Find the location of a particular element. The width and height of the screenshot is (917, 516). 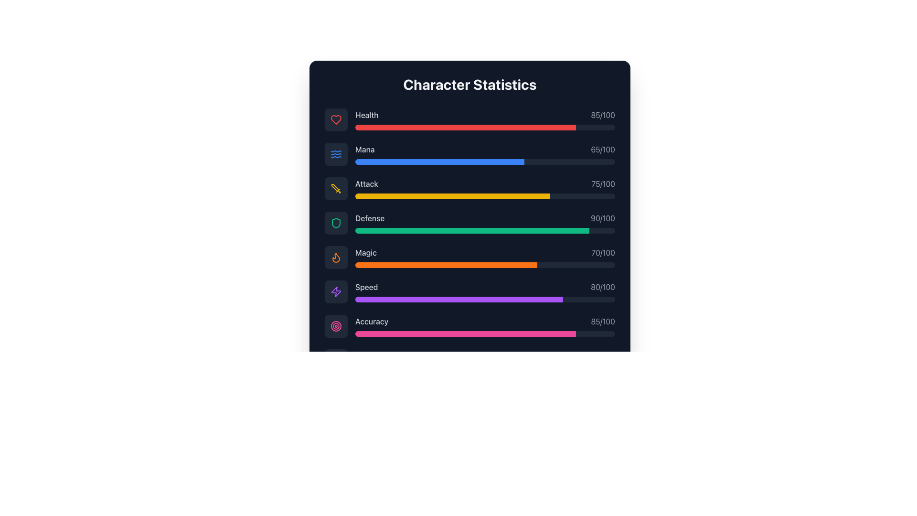

the text label displaying 'Magic', which is the fifth entry in the character statistics list, located on a dark background with an orange flame icon to the left and an orange progress bar labeled '70/100' to the right is located at coordinates (365, 252).